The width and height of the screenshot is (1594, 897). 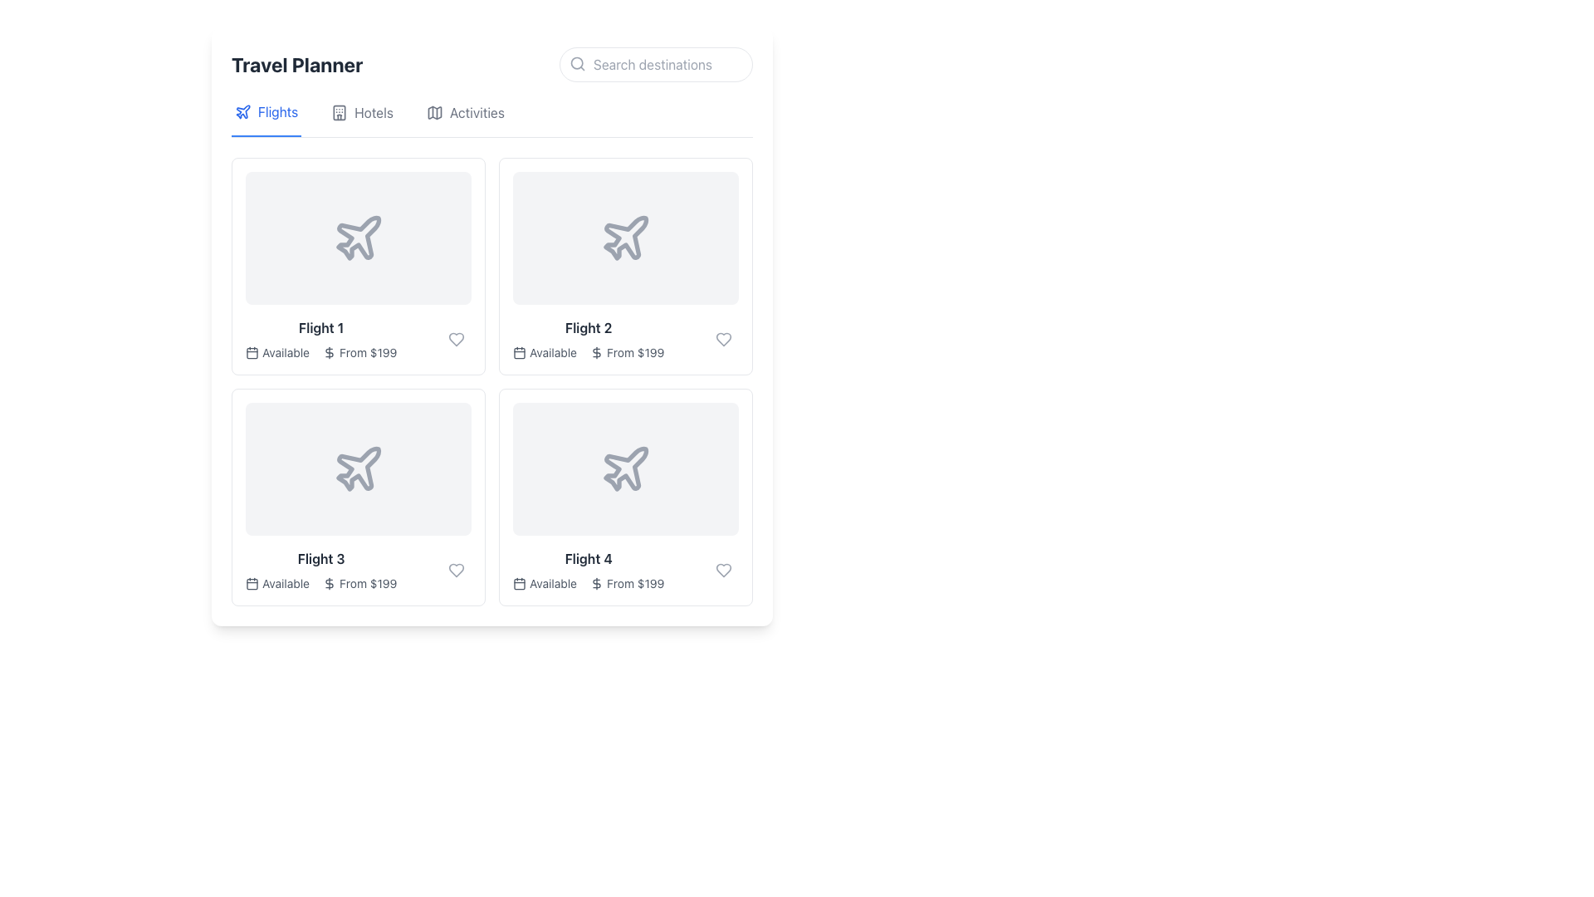 What do you see at coordinates (626, 351) in the screenshot?
I see `the text element displaying 'From $199' with an icon, located in the 'Flight 2' card, below the 'Available' caption` at bounding box center [626, 351].